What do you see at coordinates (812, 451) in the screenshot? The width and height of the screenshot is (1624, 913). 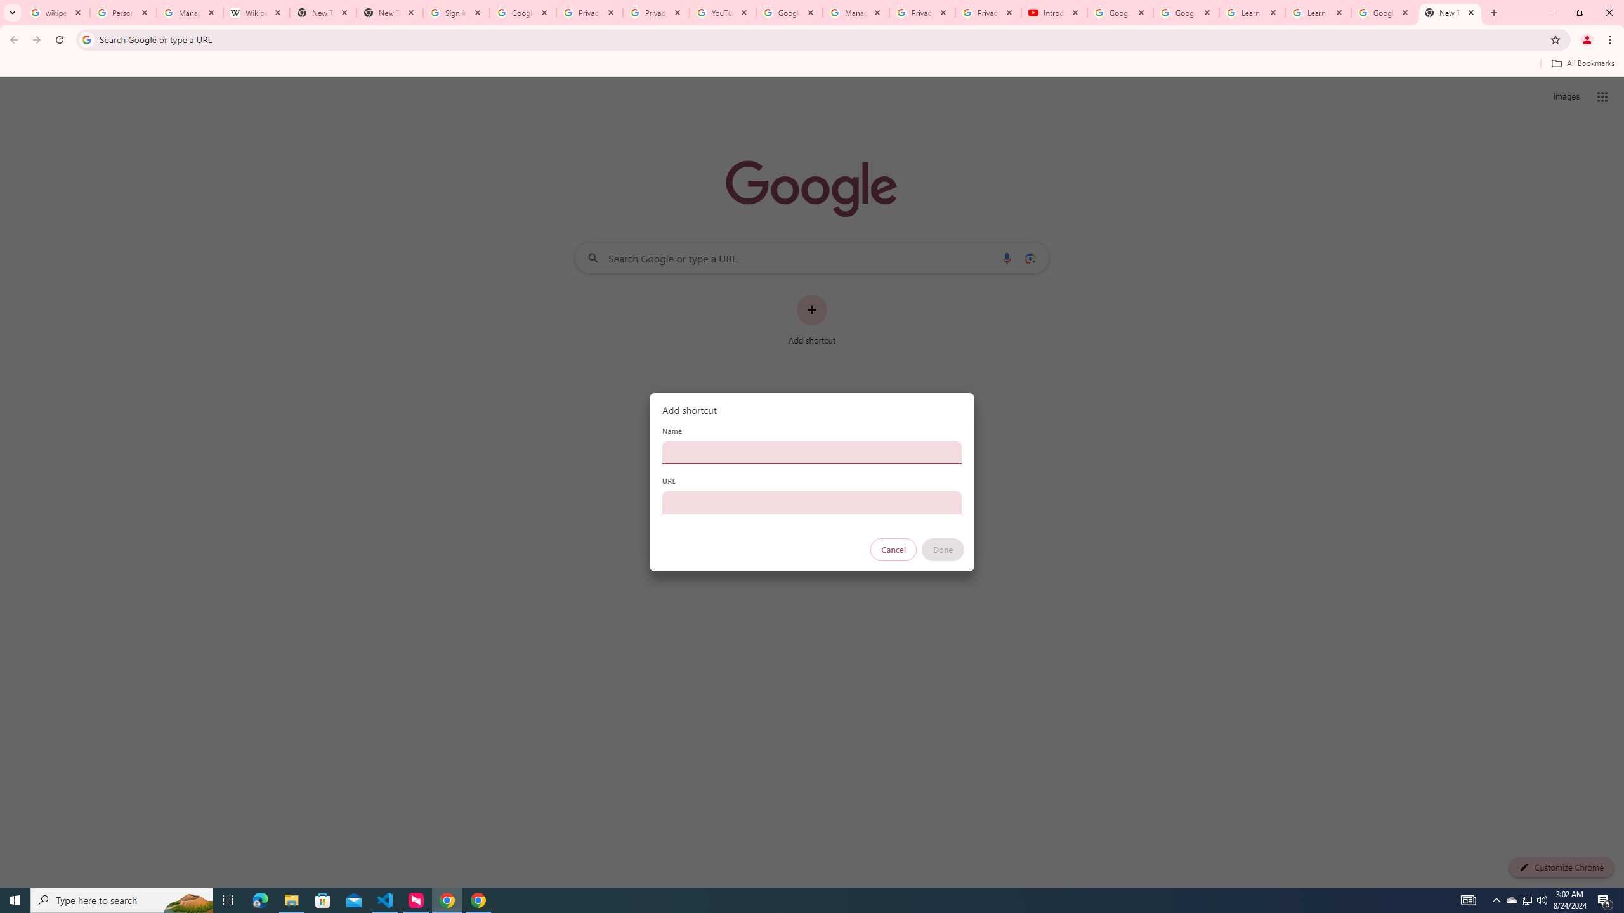 I see `'Name'` at bounding box center [812, 451].